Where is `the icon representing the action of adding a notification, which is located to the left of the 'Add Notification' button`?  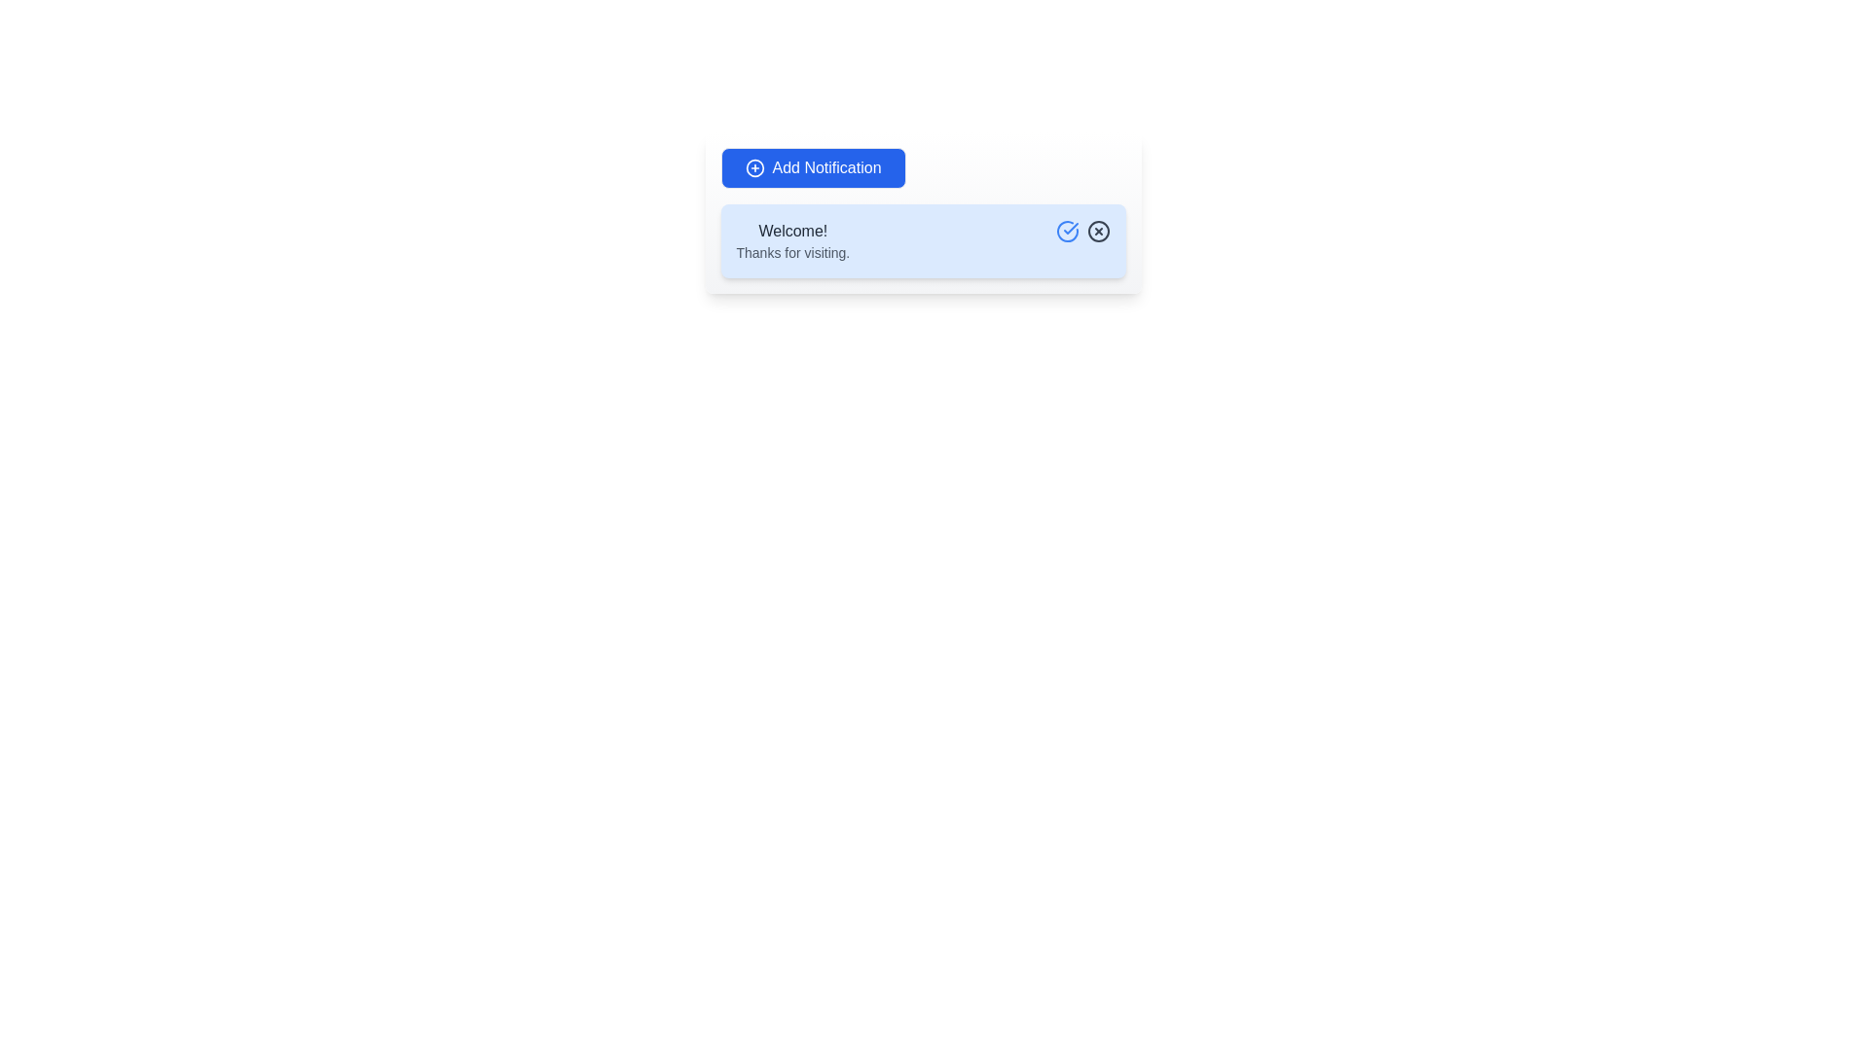
the icon representing the action of adding a notification, which is located to the left of the 'Add Notification' button is located at coordinates (753, 167).